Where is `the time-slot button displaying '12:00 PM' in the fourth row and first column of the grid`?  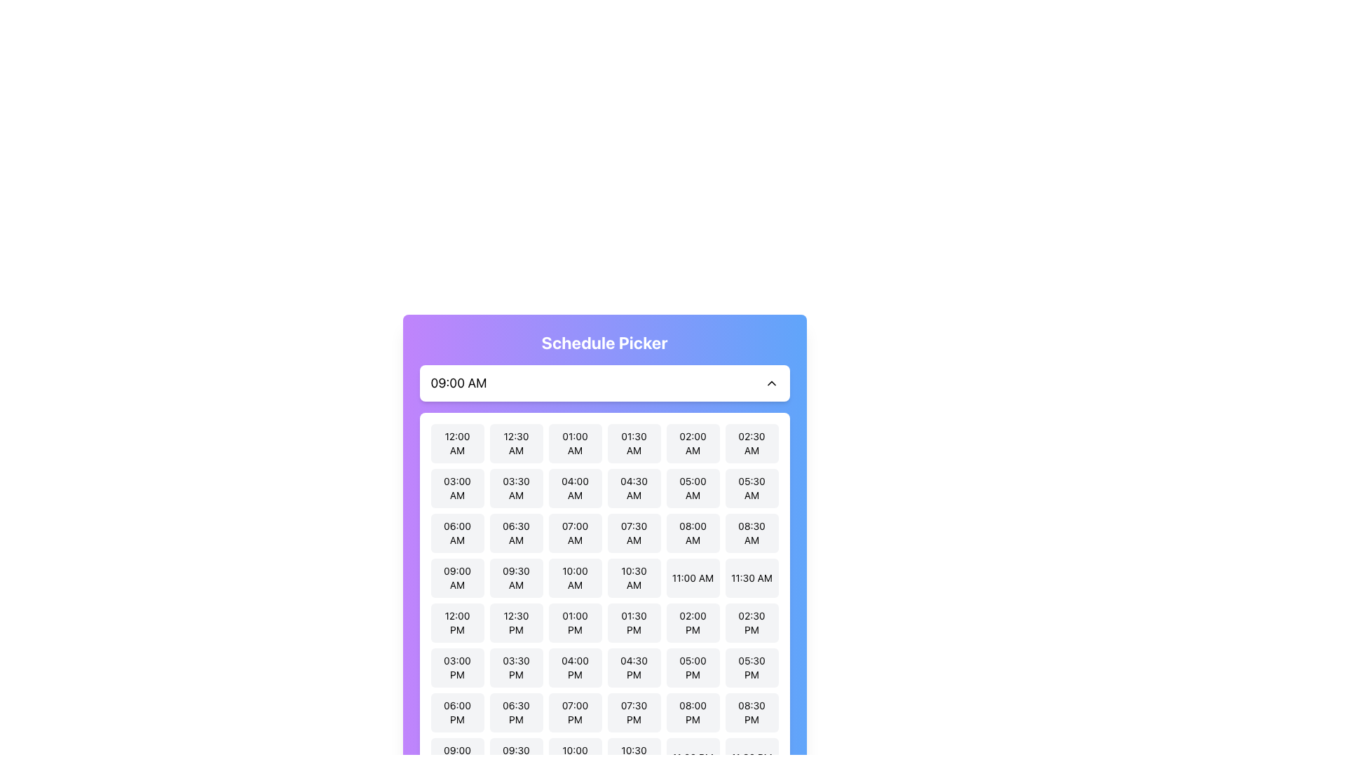
the time-slot button displaying '12:00 PM' in the fourth row and first column of the grid is located at coordinates (457, 622).